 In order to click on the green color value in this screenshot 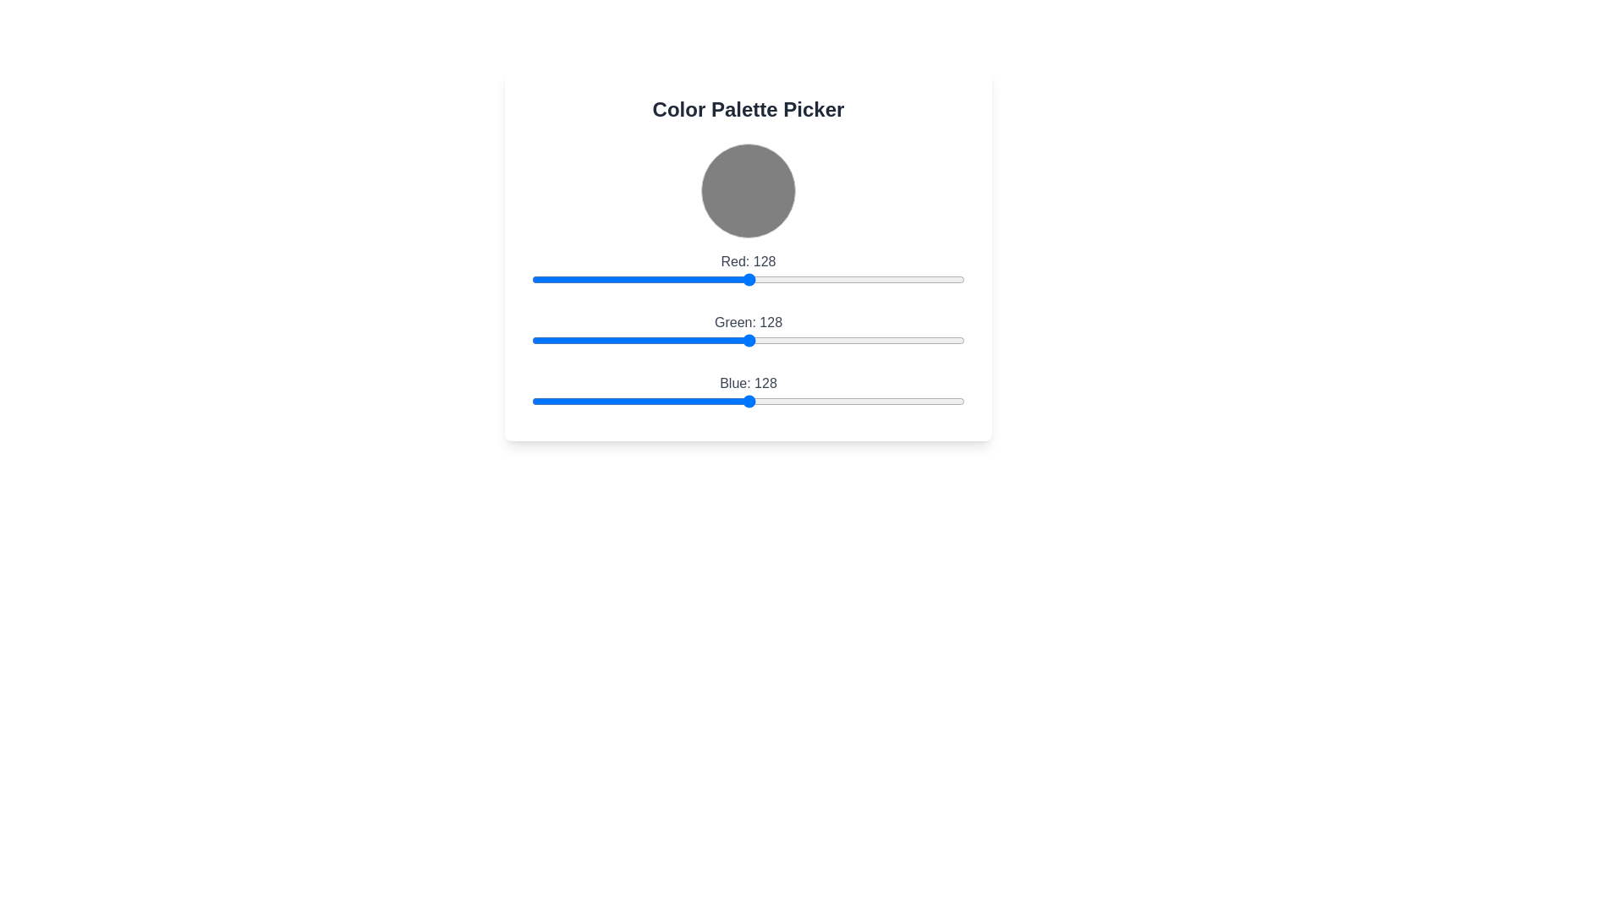, I will do `click(681, 340)`.